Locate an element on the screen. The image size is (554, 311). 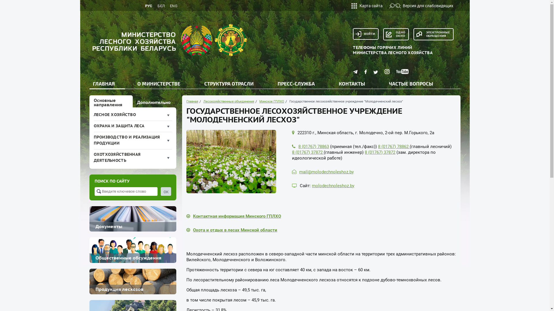
'8 (01767) 78863' is located at coordinates (313, 146).